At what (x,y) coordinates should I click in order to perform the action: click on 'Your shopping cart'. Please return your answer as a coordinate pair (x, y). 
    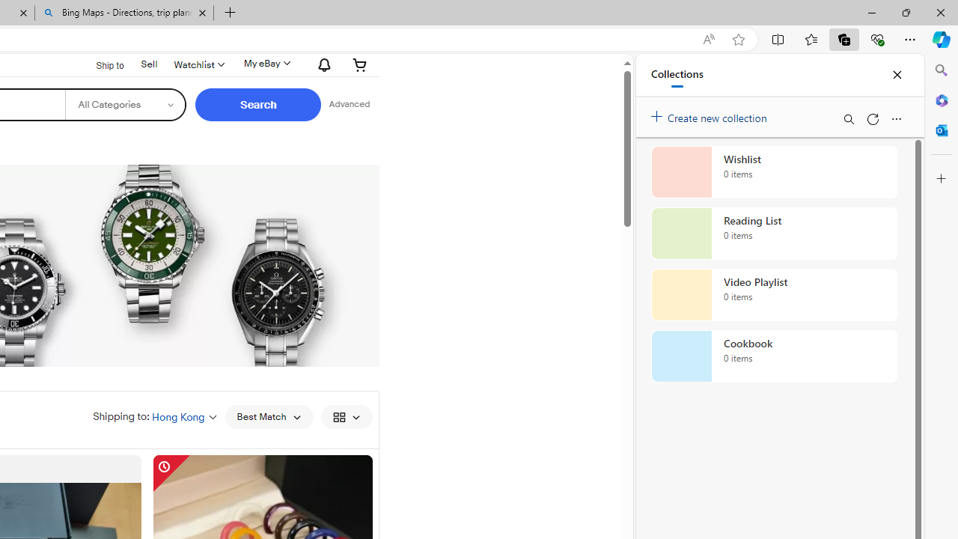
    Looking at the image, I should click on (360, 64).